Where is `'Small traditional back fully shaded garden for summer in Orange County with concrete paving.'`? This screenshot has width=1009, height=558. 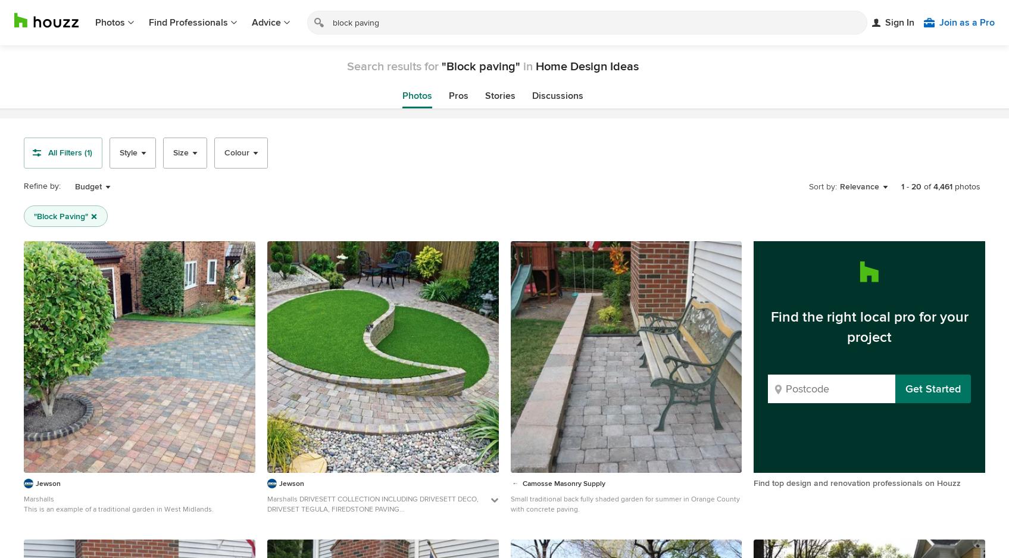 'Small traditional back fully shaded garden for summer in Orange County with concrete paving.' is located at coordinates (624, 504).